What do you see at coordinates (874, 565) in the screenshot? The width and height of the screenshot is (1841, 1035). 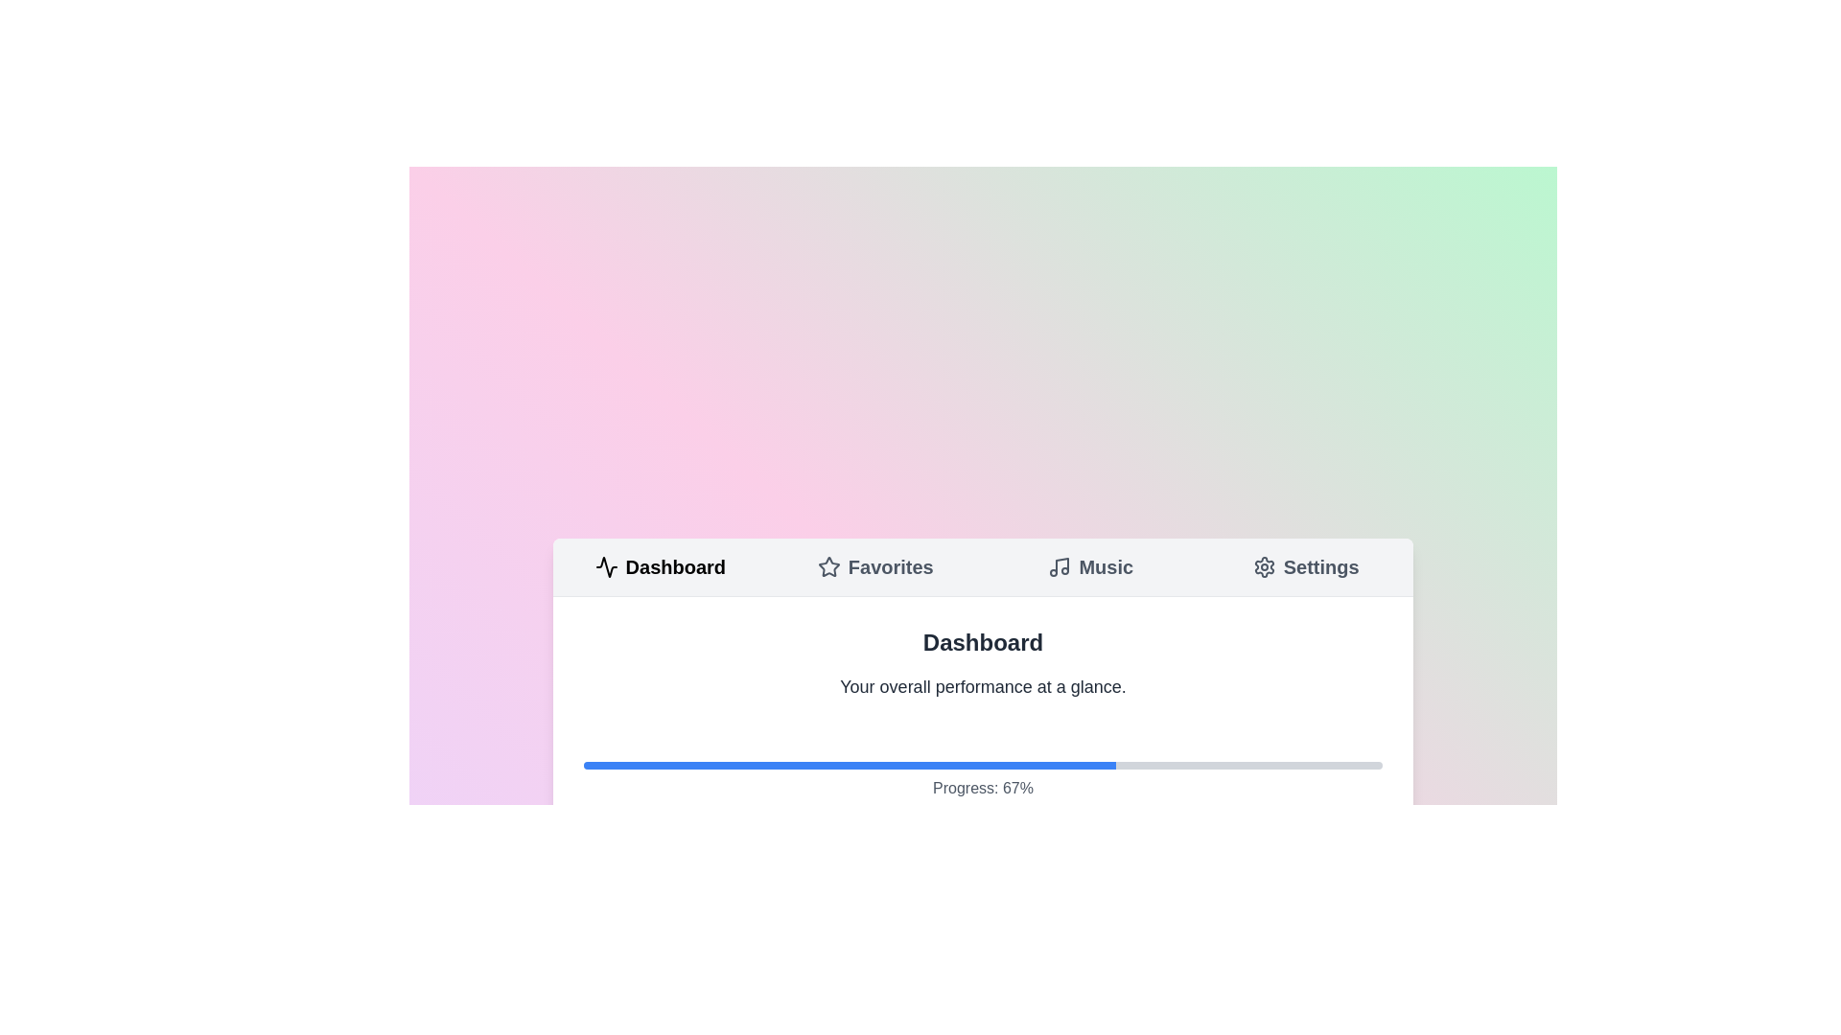 I see `the tab labeled Favorites` at bounding box center [874, 565].